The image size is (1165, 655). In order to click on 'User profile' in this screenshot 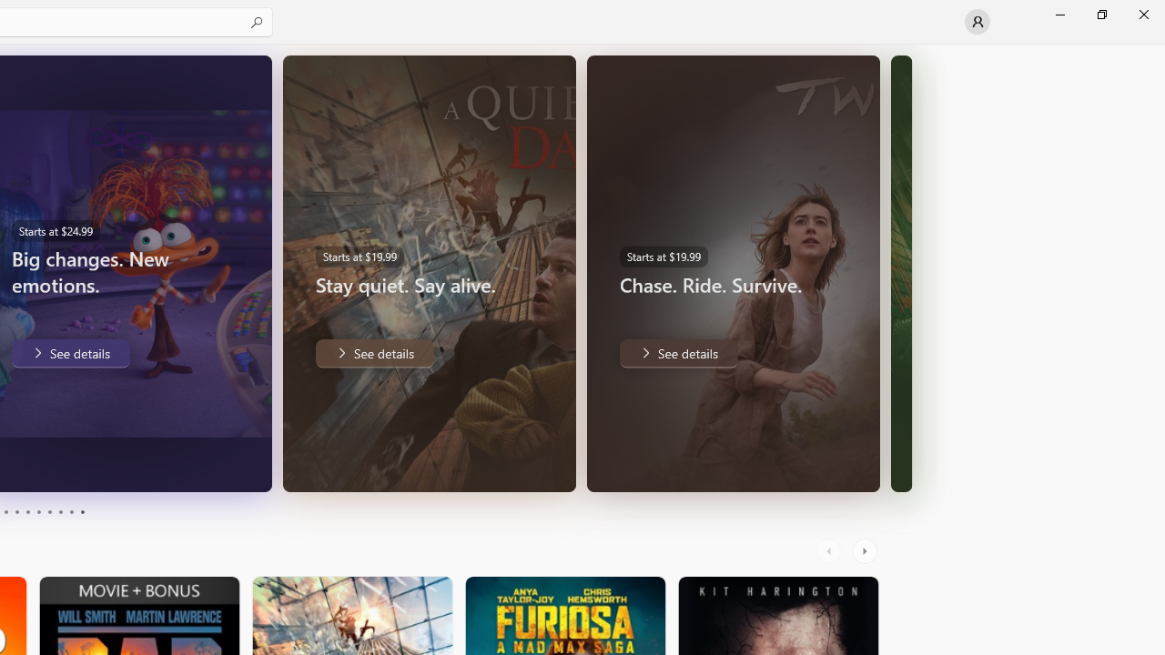, I will do `click(976, 22)`.